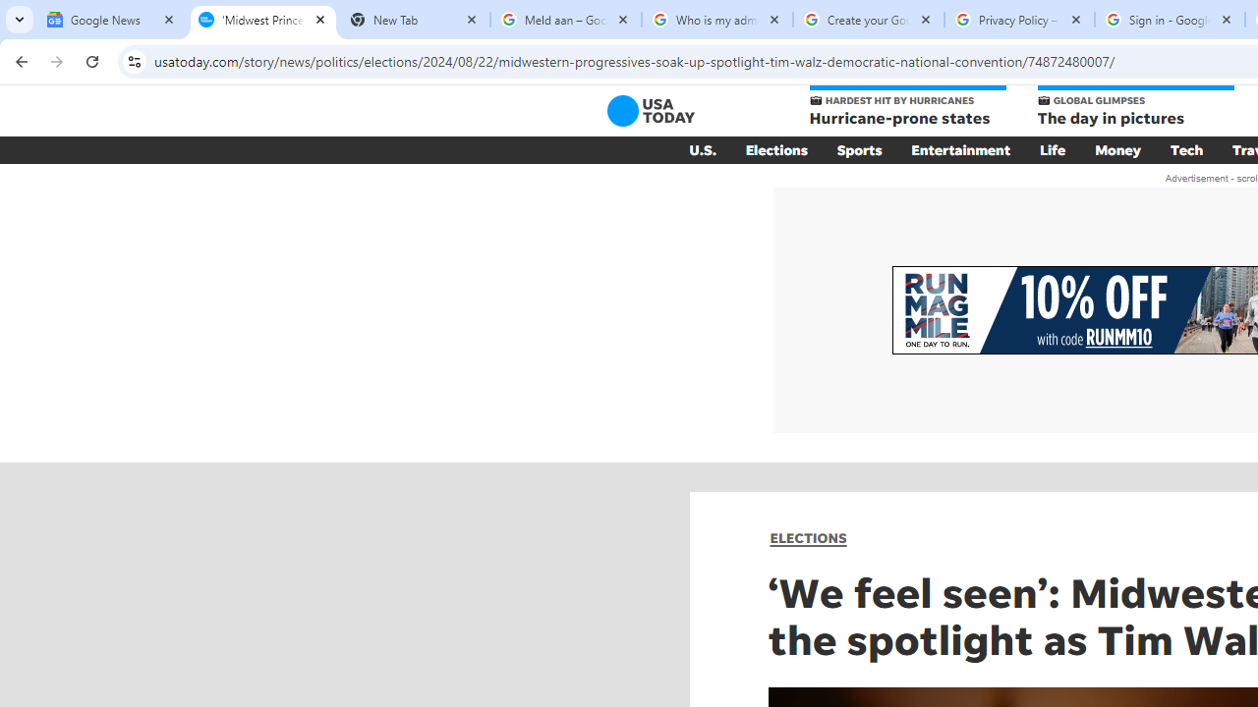  What do you see at coordinates (133, 60) in the screenshot?
I see `'View site information'` at bounding box center [133, 60].